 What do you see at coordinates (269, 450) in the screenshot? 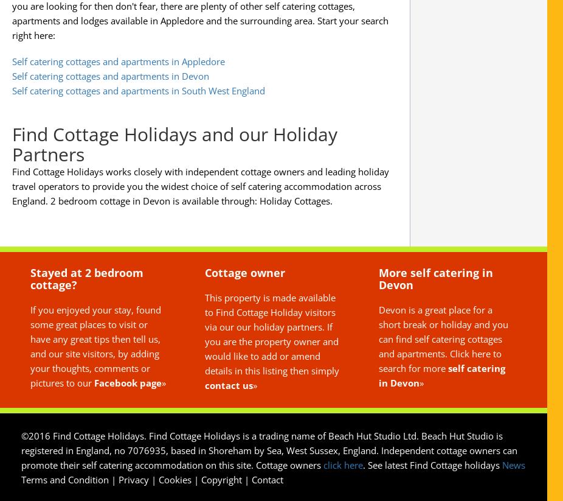
I see `'©2016 Find Cottage Holidays. Find Cottage Holidays is a trading name of Beach Hut Studio Ltd. Beach Hut Studio is registered in England, no 7076935, based in Shoreham by Sea, West Sussex, England. Independent cottage owners can promote their self catering accommodation on this site. Cottage owners'` at bounding box center [269, 450].